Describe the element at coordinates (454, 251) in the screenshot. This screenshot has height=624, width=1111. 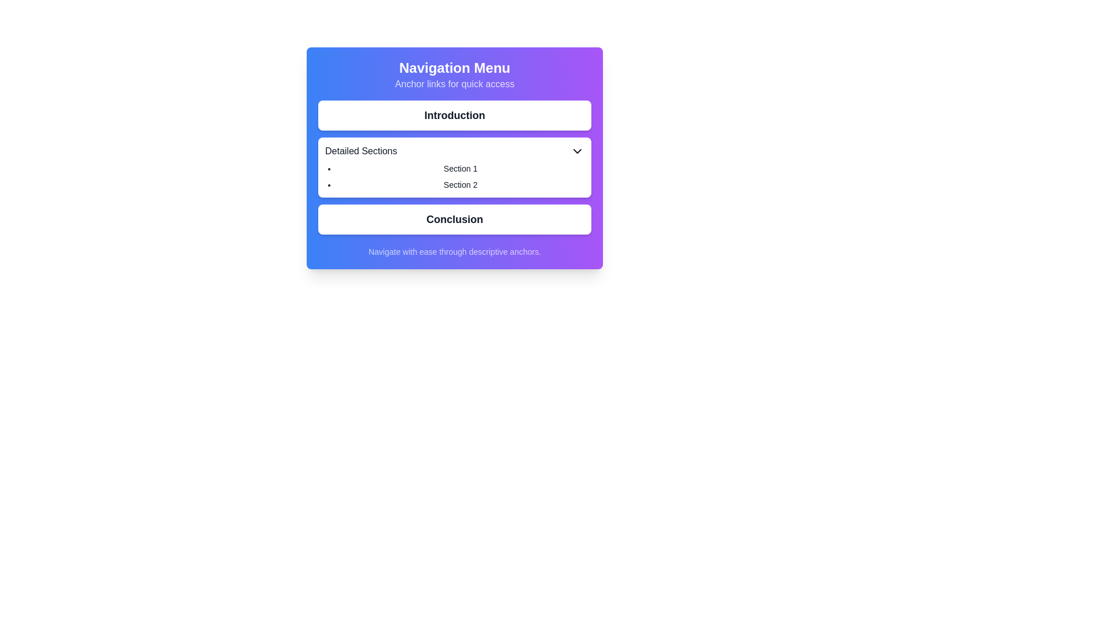
I see `the descriptive label text stating 'Navigate with ease through descriptive anchors.' which is centrally aligned at the bottom of the 'Navigation Menu' panel` at that location.